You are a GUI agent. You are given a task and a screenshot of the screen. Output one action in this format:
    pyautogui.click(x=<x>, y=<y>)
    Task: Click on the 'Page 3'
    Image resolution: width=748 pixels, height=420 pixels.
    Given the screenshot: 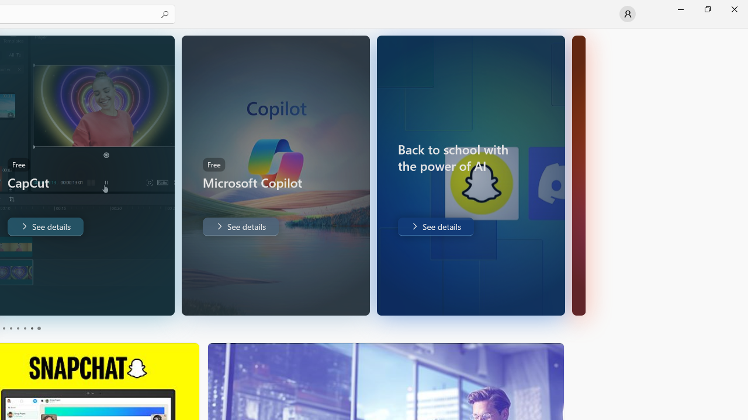 What is the action you would take?
    pyautogui.click(x=18, y=328)
    